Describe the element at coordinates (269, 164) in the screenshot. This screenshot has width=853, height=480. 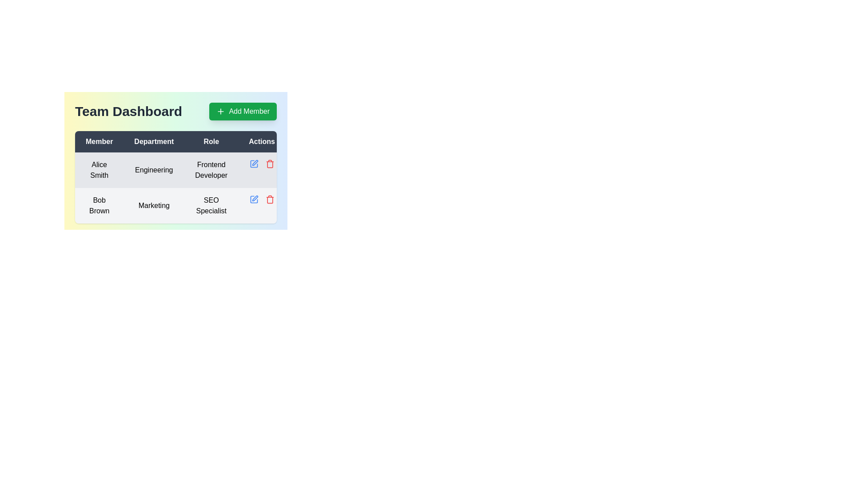
I see `the delete icon located` at that location.